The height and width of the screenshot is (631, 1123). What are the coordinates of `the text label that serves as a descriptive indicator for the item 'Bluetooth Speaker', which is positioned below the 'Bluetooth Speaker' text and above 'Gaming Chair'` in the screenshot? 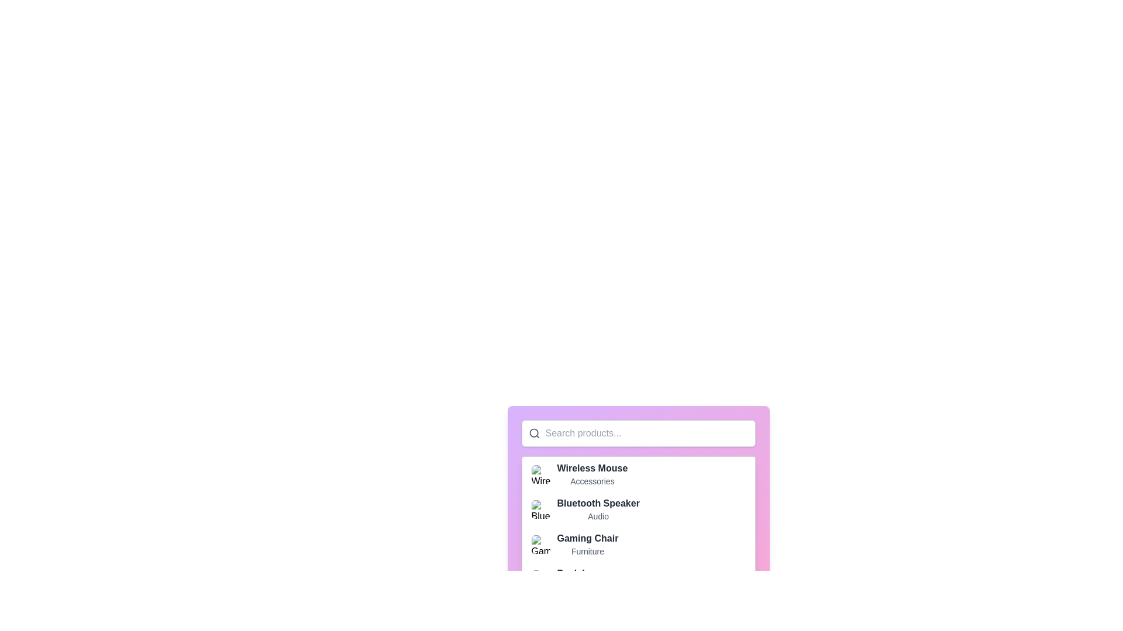 It's located at (598, 515).